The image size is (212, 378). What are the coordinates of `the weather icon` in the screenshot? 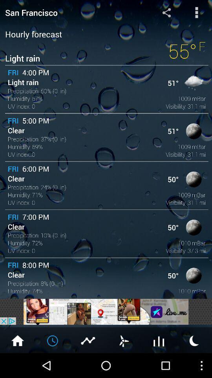 It's located at (123, 364).